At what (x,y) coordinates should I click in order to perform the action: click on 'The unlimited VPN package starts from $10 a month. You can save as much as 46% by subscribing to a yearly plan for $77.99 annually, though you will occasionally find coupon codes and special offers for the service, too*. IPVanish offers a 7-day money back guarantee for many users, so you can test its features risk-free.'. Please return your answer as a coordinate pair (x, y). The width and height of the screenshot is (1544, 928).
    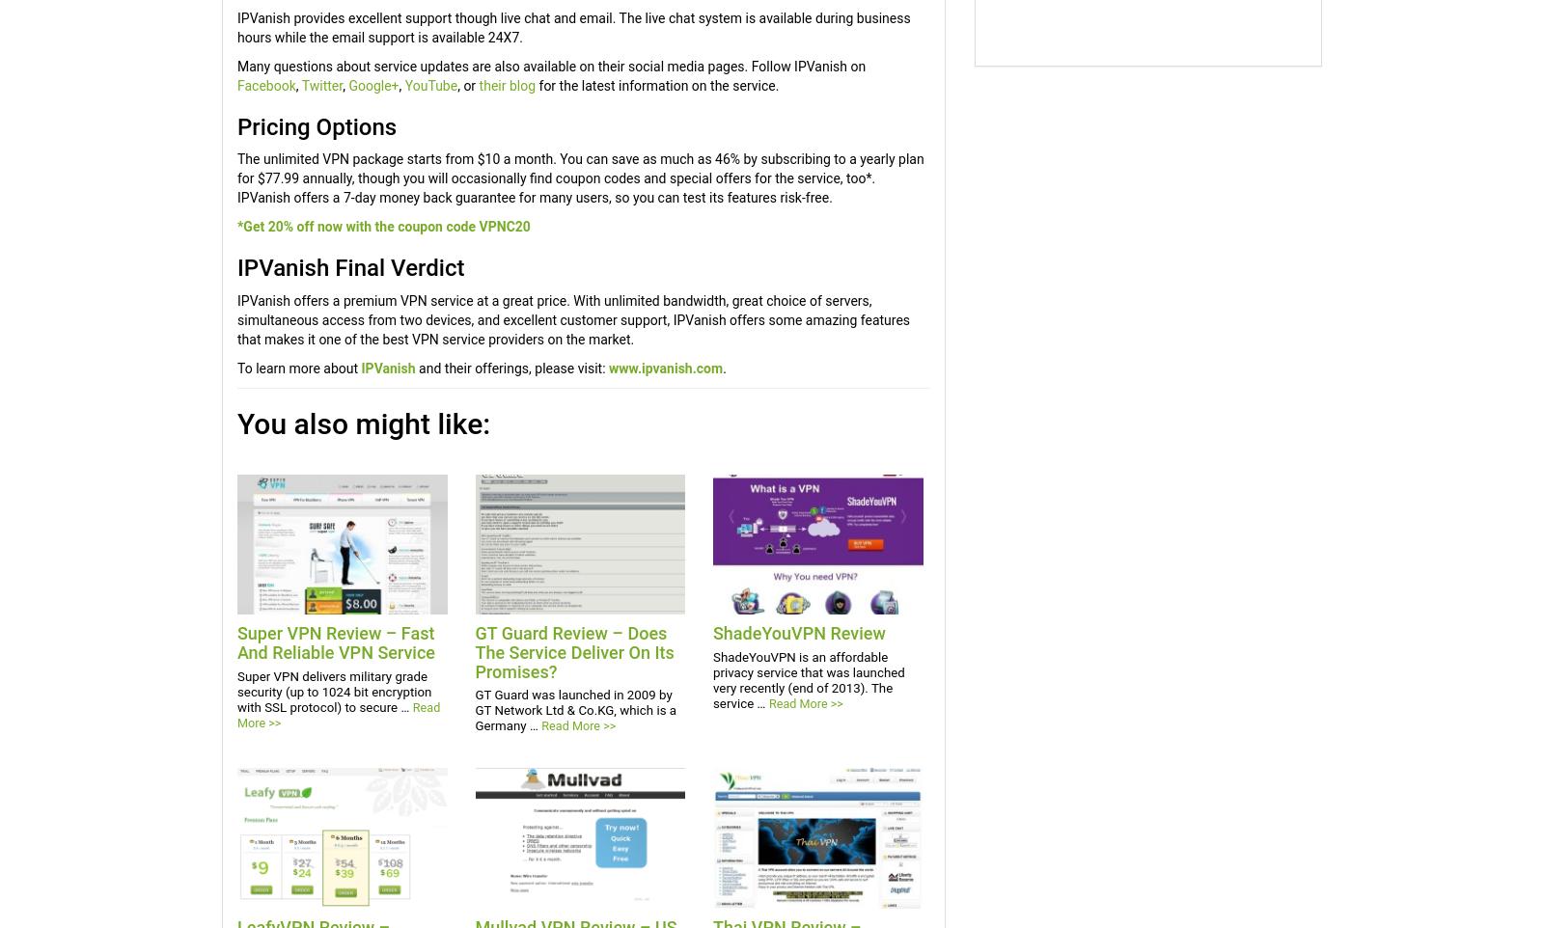
    Looking at the image, I should click on (580, 177).